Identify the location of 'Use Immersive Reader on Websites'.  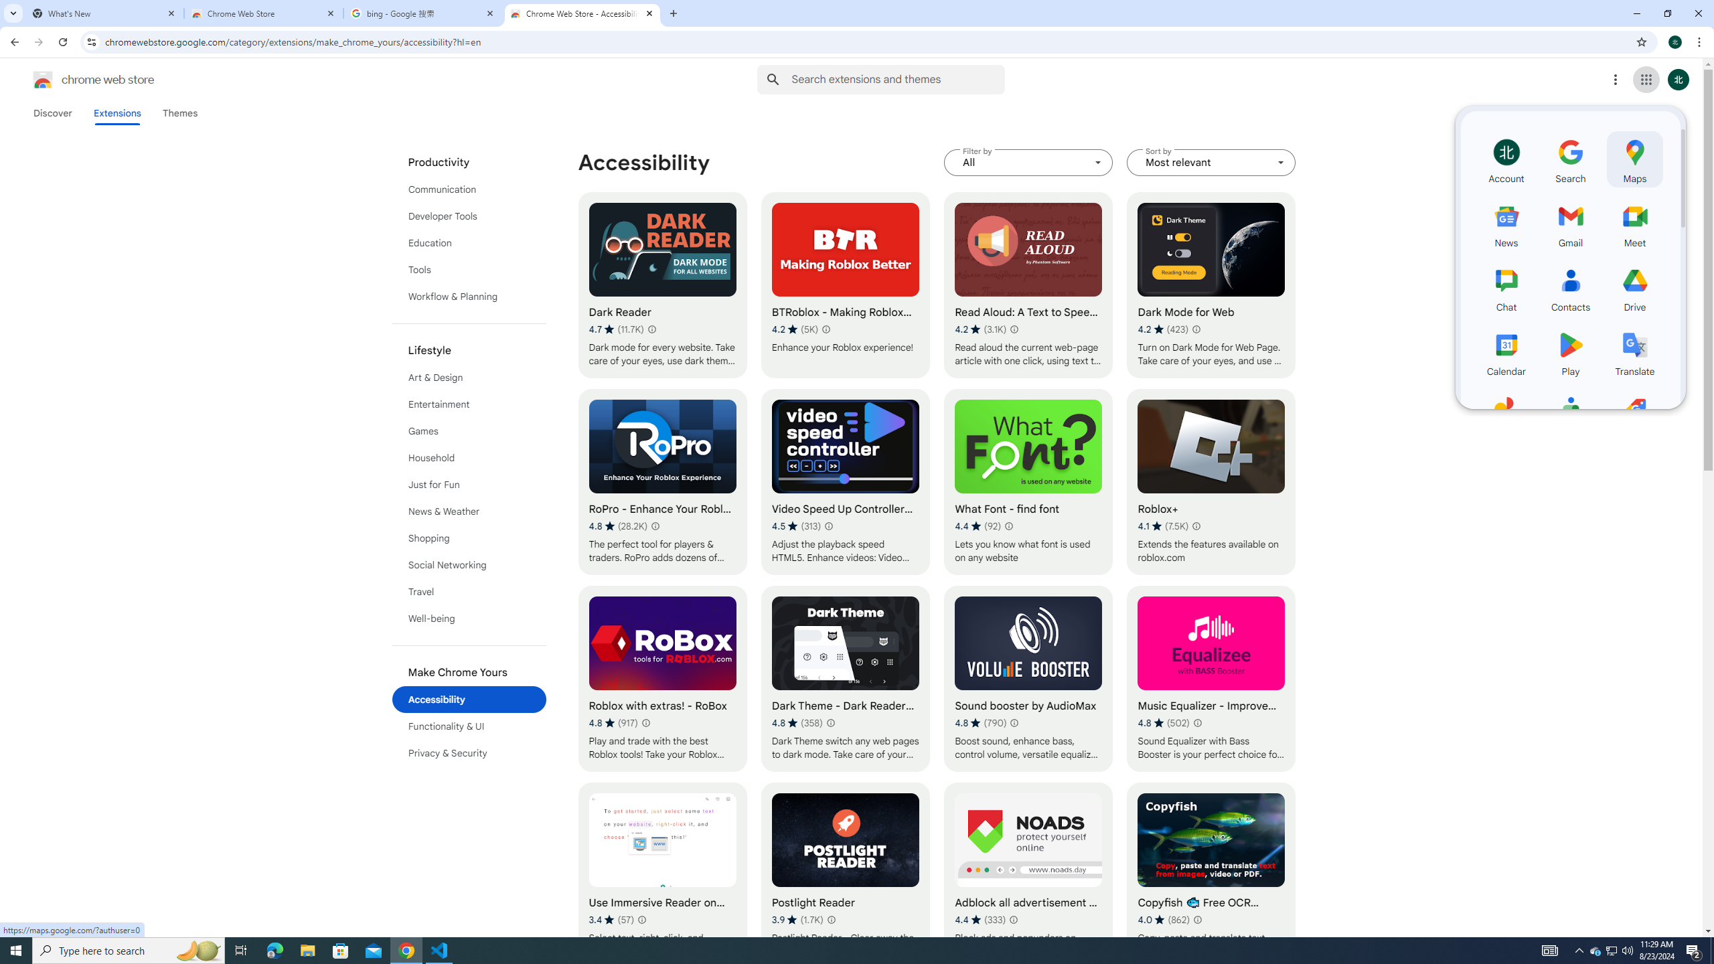
(661, 875).